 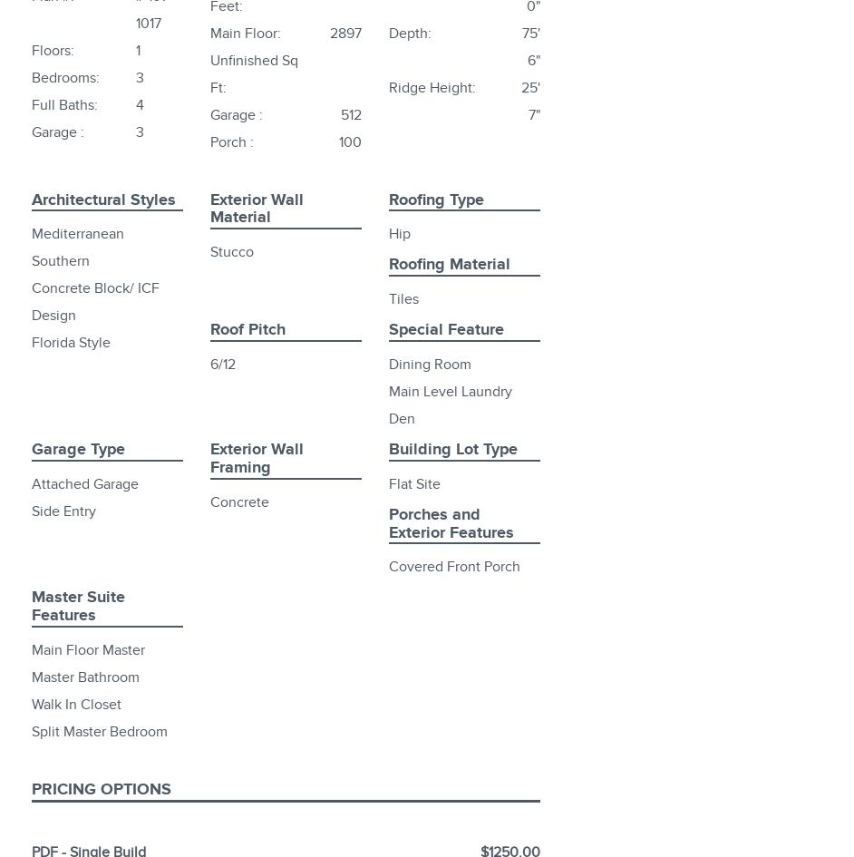 I want to click on 'Tiles', so click(x=403, y=298).